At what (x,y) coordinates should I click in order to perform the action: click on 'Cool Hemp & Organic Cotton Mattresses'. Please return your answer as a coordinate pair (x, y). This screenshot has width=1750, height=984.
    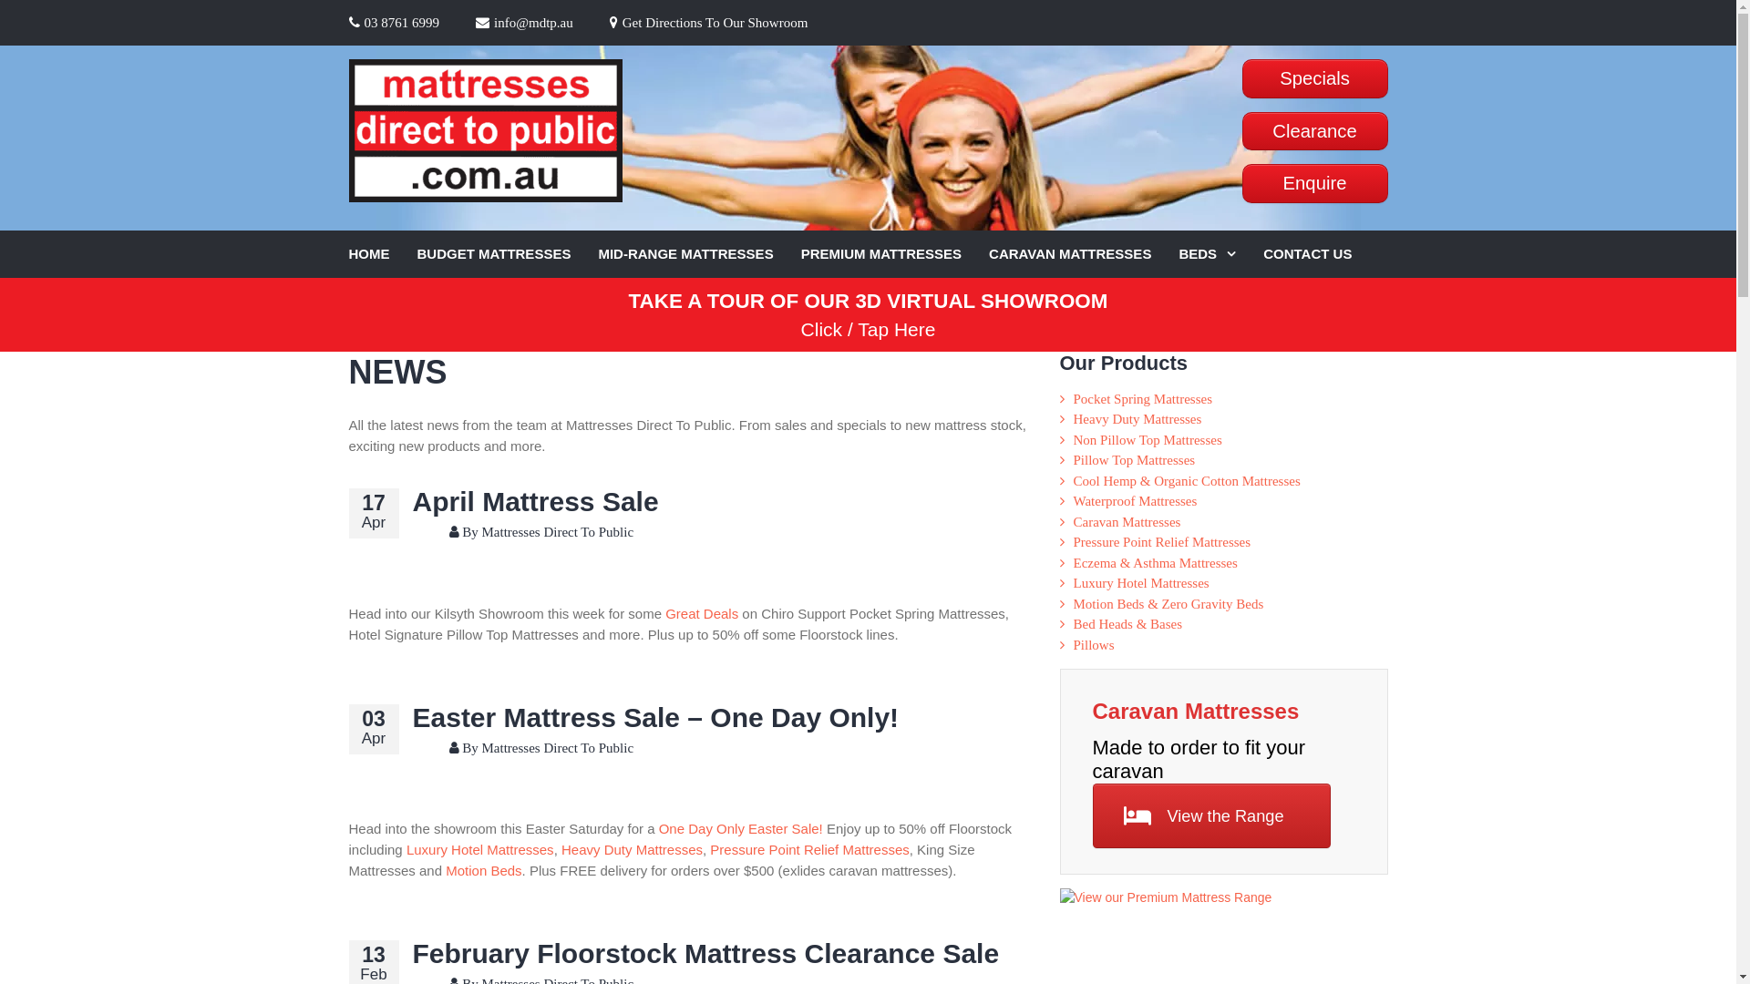
    Looking at the image, I should click on (1187, 480).